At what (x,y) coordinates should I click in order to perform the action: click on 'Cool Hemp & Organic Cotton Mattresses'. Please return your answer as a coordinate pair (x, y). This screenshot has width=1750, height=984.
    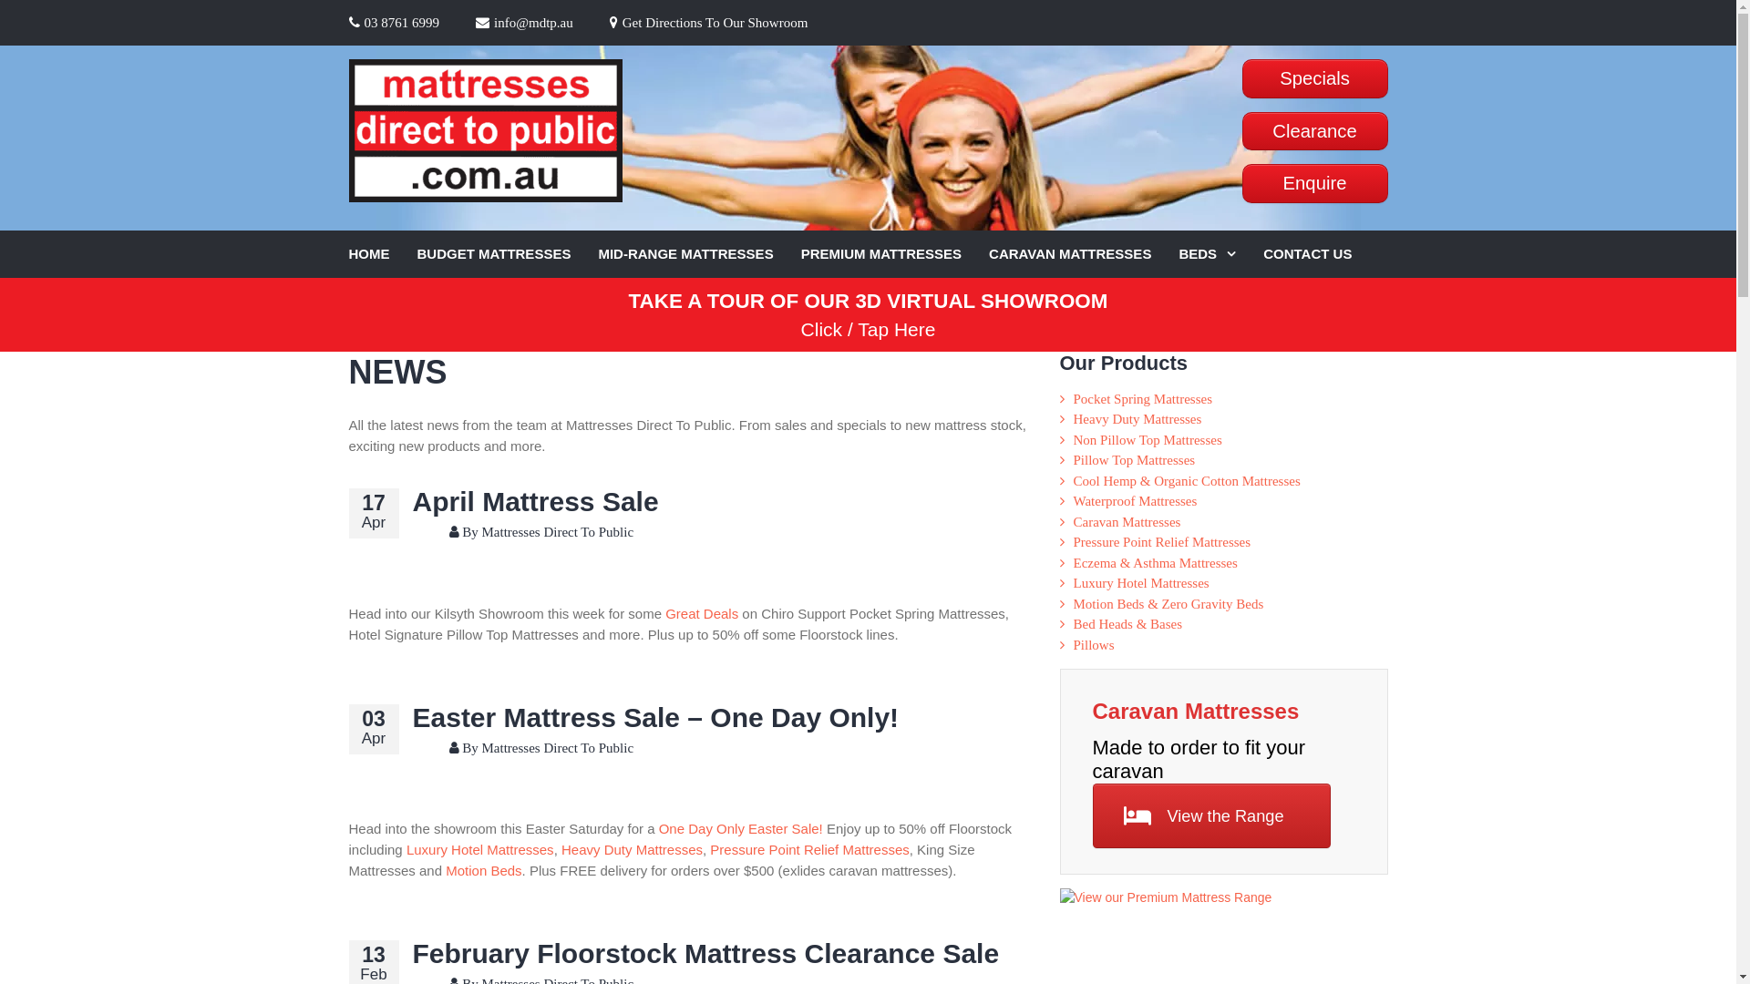
    Looking at the image, I should click on (1187, 480).